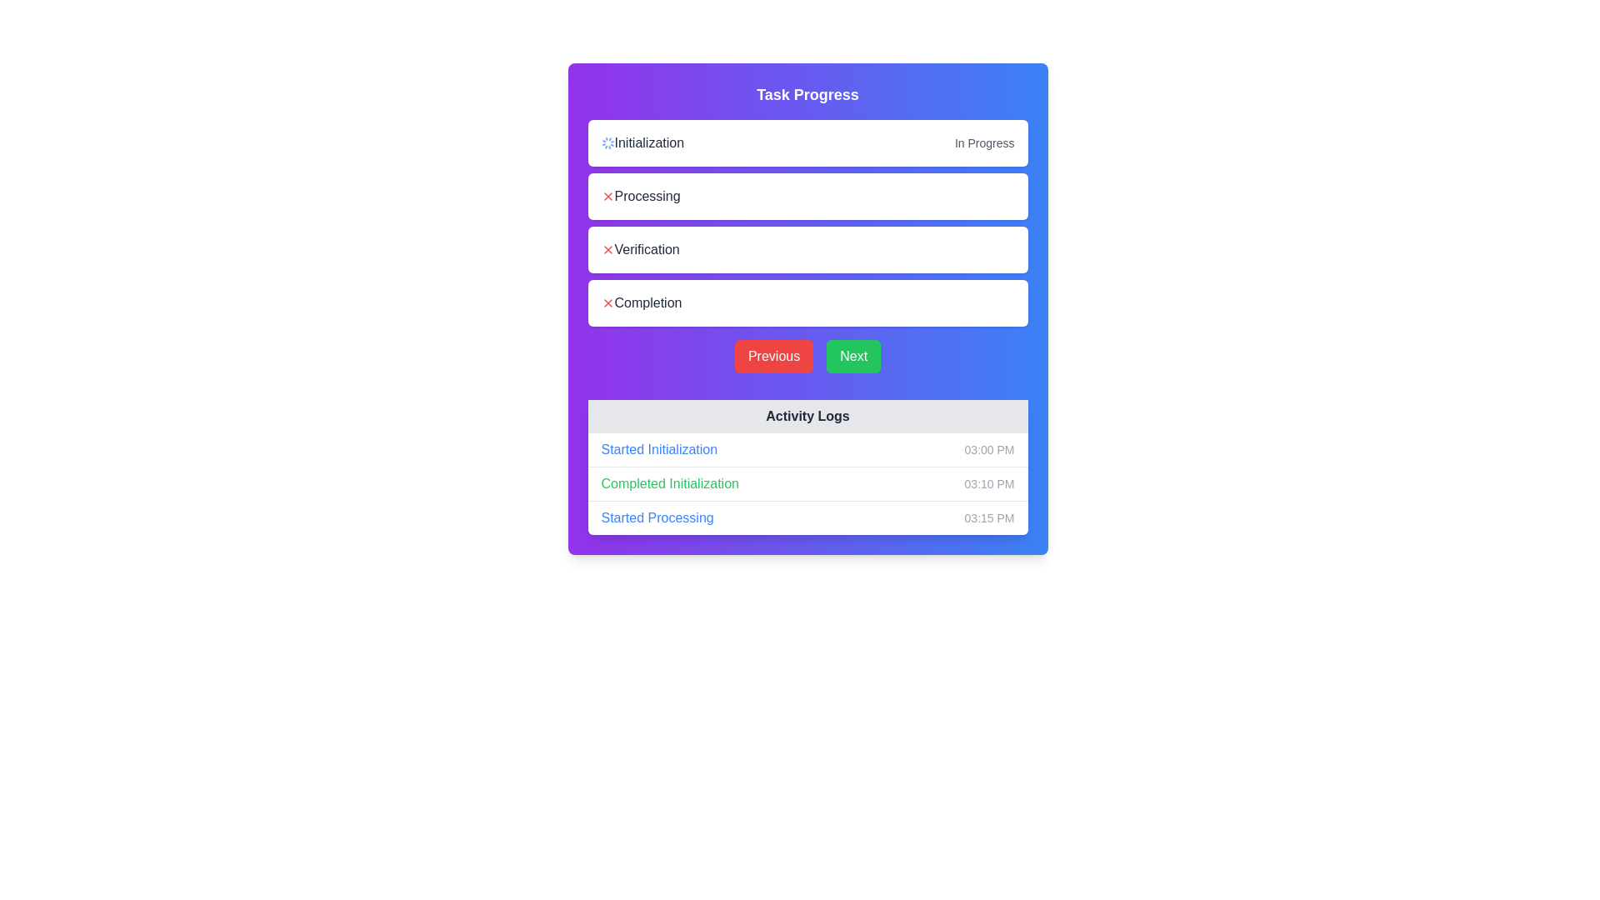 The height and width of the screenshot is (900, 1600). What do you see at coordinates (989, 517) in the screenshot?
I see `the text display element showing '03:15 PM' in the third row of the 'Activity Logs' section` at bounding box center [989, 517].